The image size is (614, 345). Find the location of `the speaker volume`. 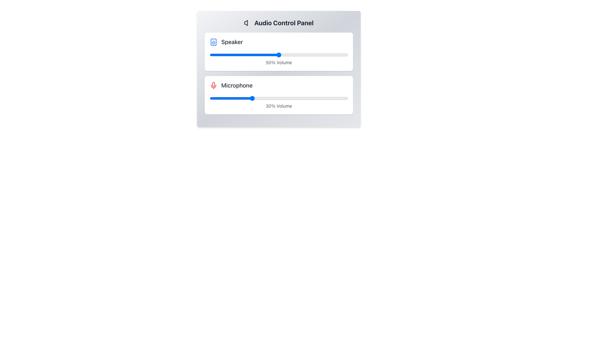

the speaker volume is located at coordinates (280, 55).